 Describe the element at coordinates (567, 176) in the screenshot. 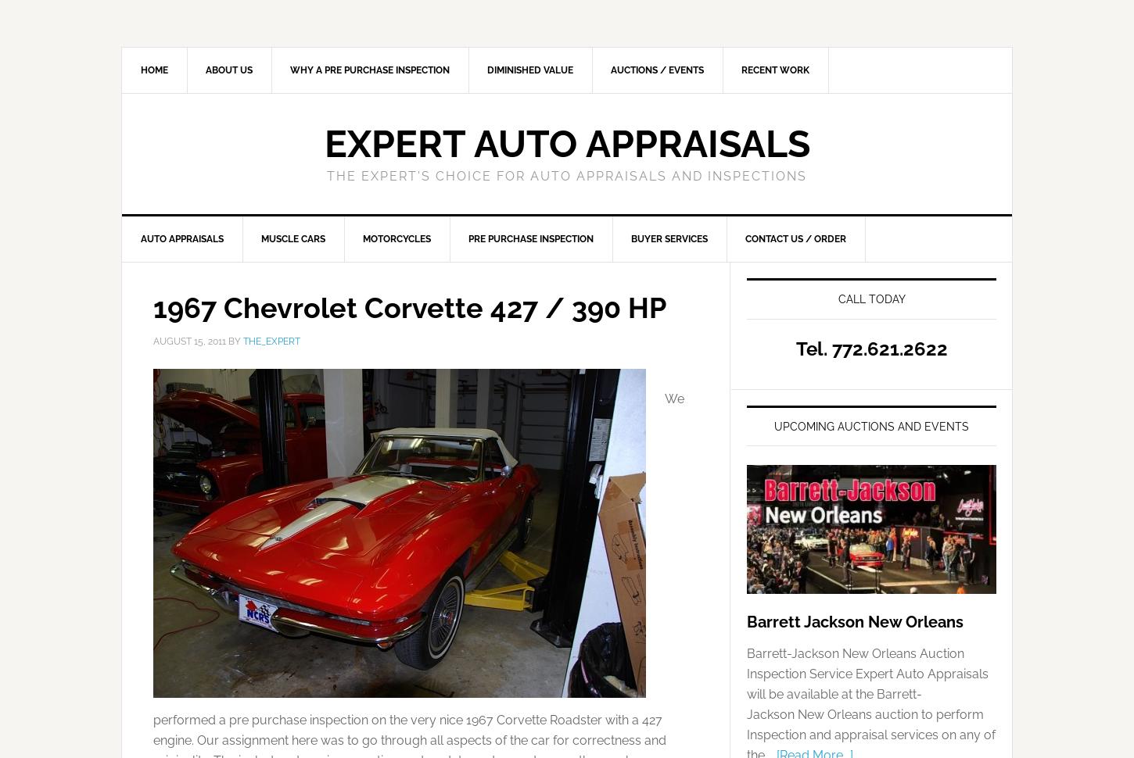

I see `'The Expert's Choice for Auto Appraisals and Inspections'` at that location.